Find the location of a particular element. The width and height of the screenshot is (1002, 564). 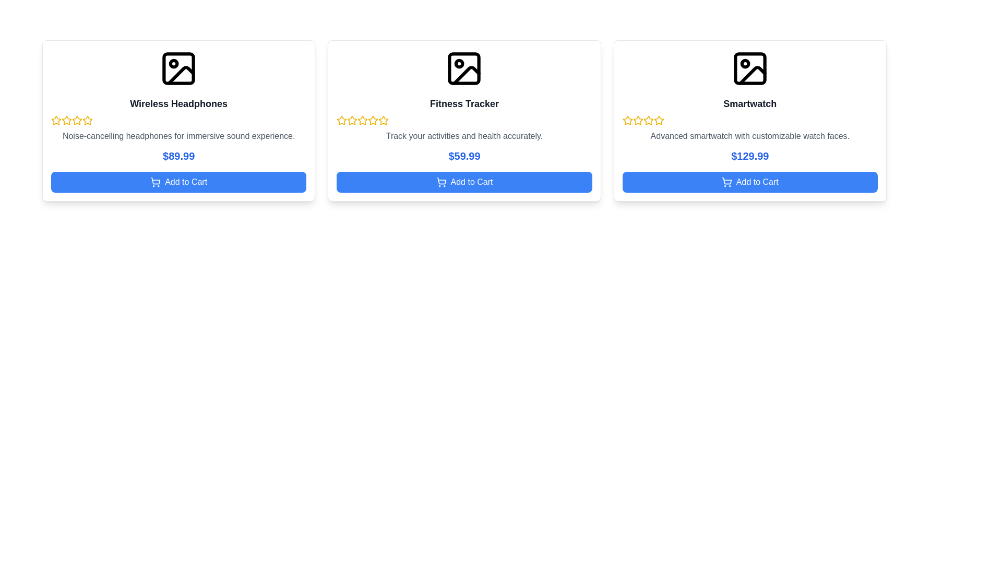

the first yellow star icon used for ratings, located below the title 'Wireless Headphones' is located at coordinates (56, 120).